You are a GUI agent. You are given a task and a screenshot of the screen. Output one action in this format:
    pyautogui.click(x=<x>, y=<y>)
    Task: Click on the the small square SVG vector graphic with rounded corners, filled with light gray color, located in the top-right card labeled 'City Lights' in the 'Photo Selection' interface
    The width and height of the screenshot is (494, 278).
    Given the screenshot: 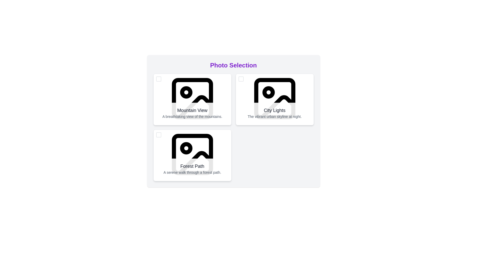 What is the action you would take?
    pyautogui.click(x=241, y=79)
    